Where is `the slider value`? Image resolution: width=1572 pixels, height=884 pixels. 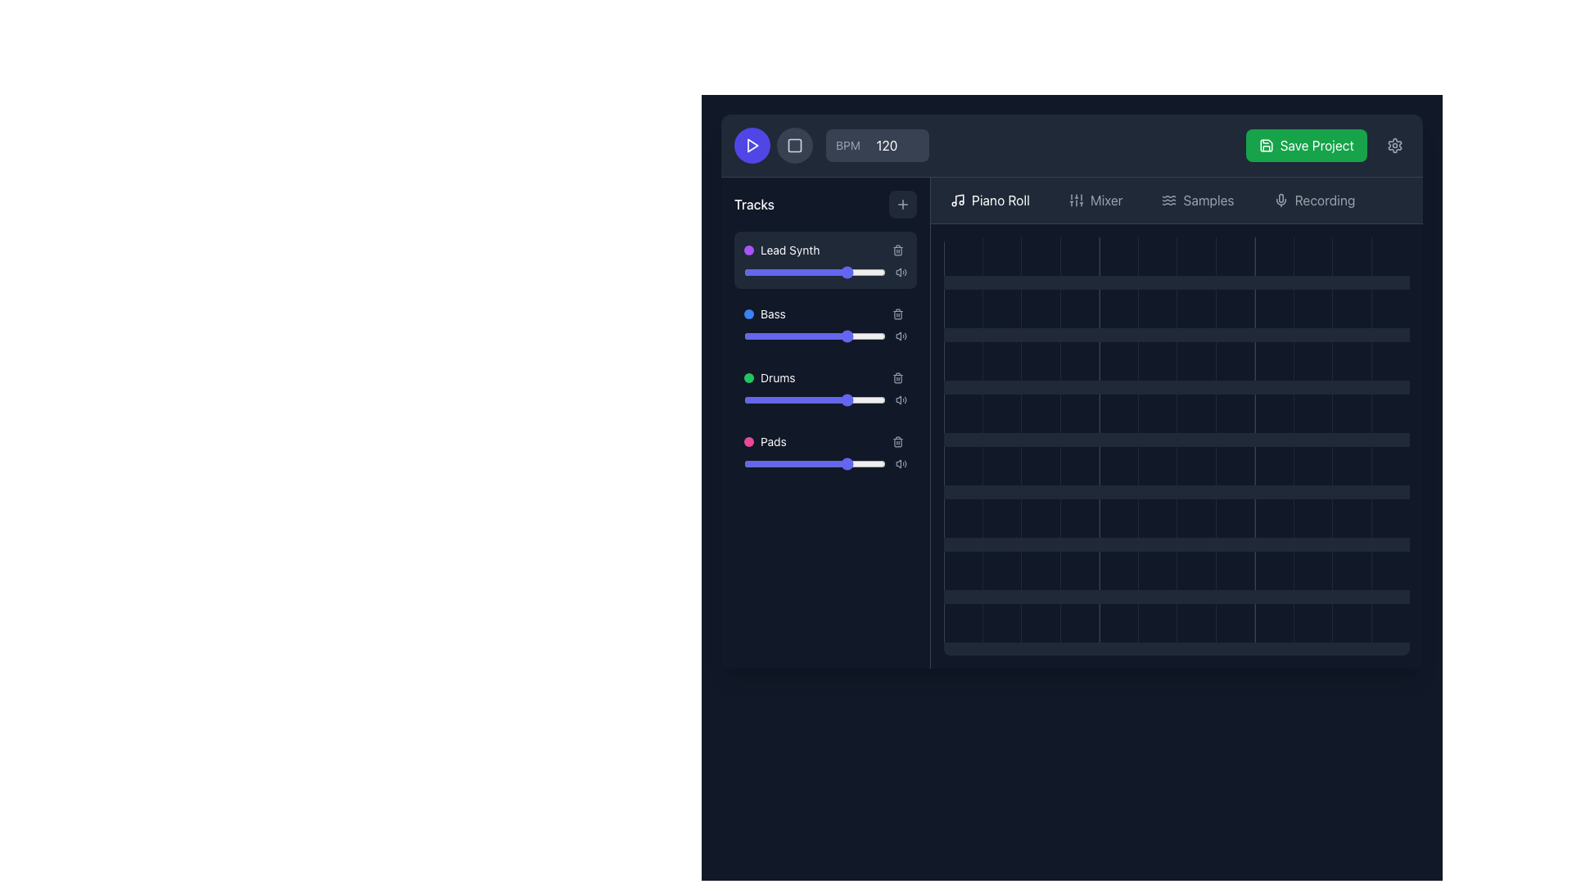
the slider value is located at coordinates (852, 271).